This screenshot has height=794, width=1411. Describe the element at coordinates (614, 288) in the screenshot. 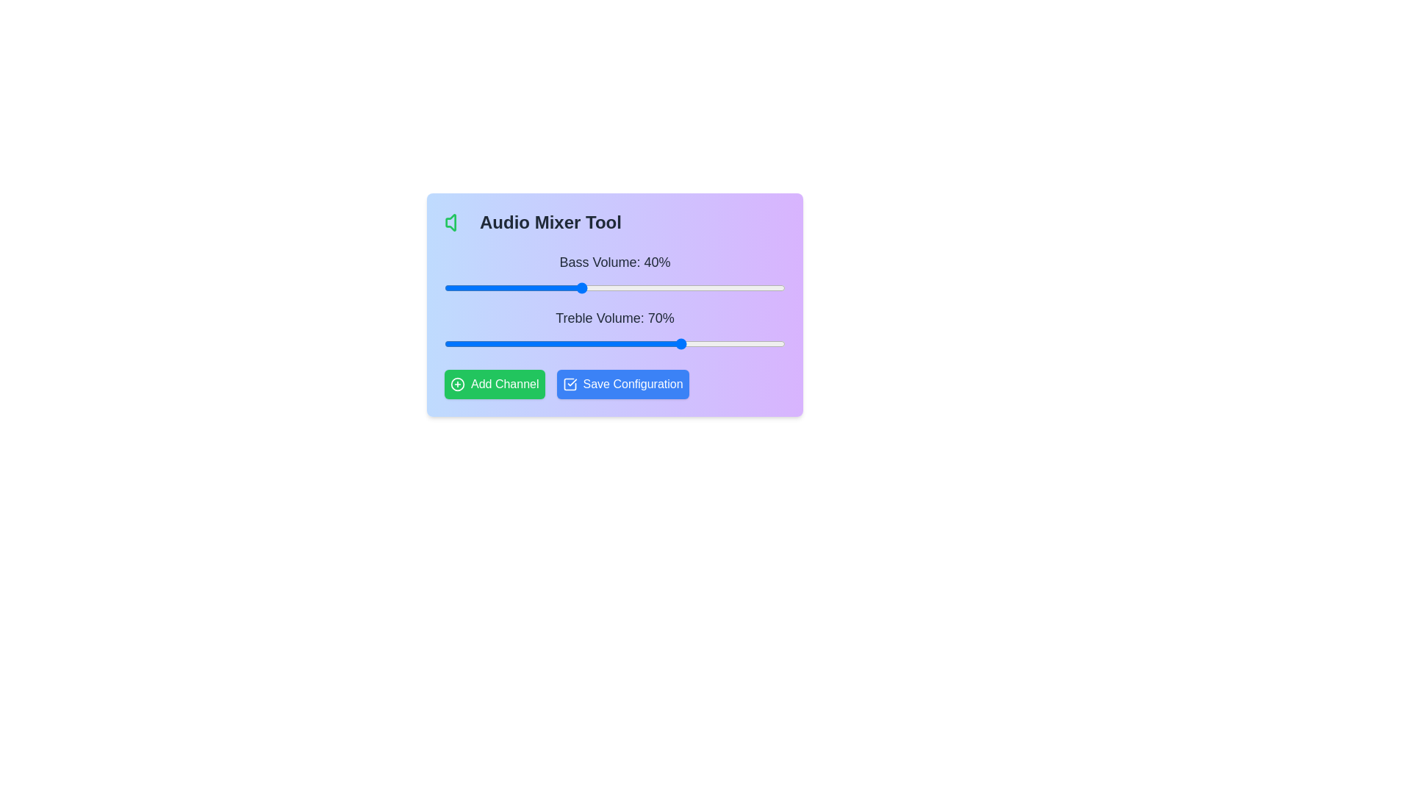

I see `the Bass Volume slider located below the label 'Bass Volume: 40%' in the 'Audio Mixer Tool' panel` at that location.